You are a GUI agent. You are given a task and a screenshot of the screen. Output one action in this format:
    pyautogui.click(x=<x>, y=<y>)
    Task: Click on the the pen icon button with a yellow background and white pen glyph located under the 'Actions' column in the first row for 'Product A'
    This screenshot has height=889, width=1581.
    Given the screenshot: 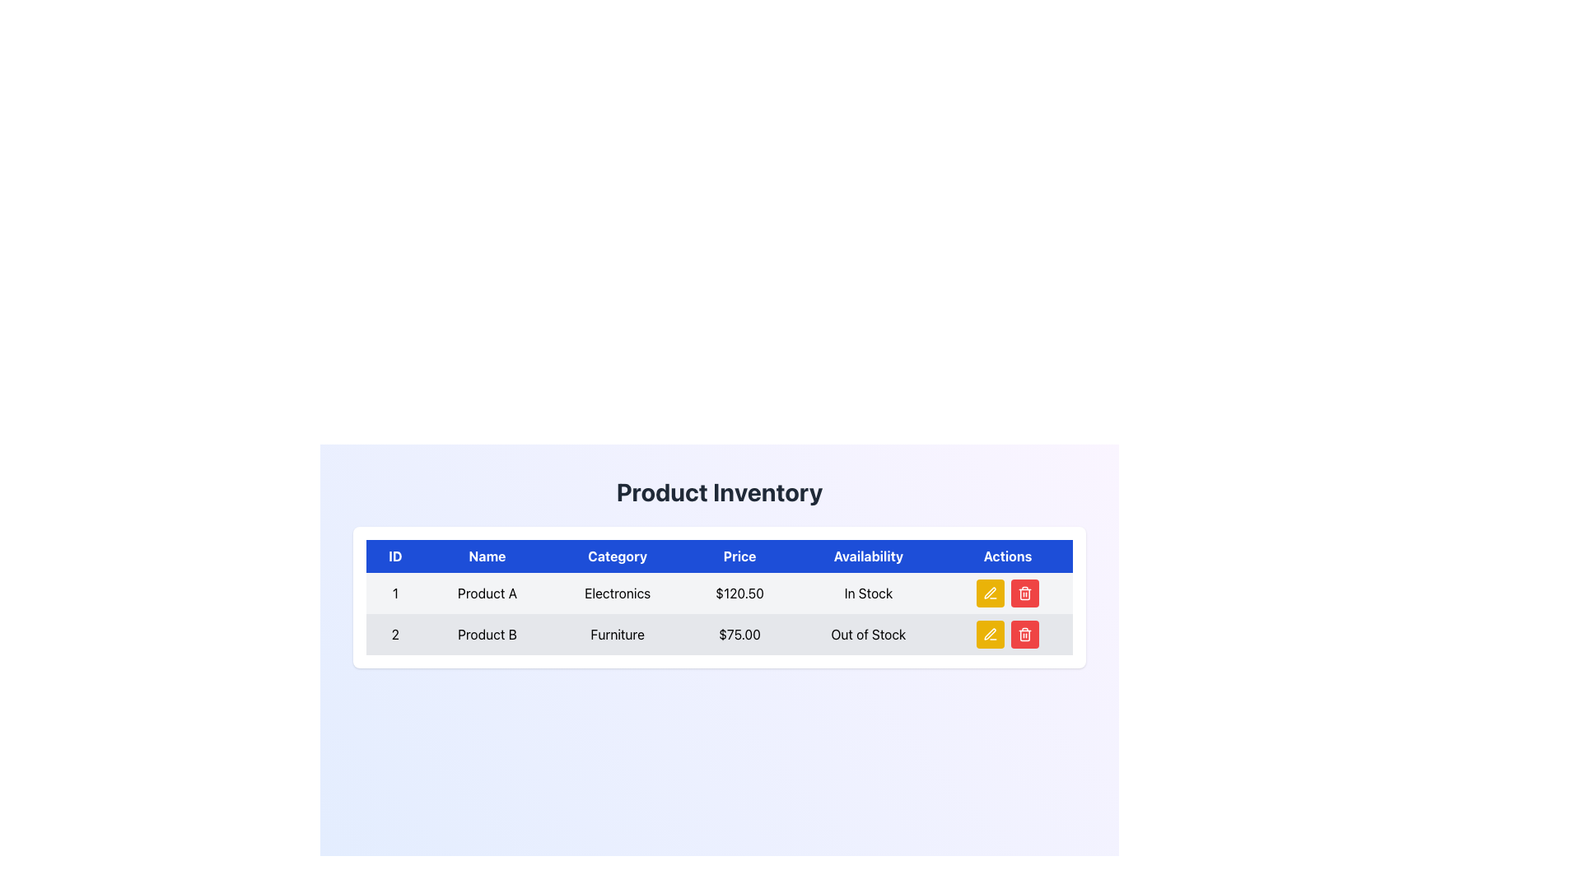 What is the action you would take?
    pyautogui.click(x=989, y=593)
    